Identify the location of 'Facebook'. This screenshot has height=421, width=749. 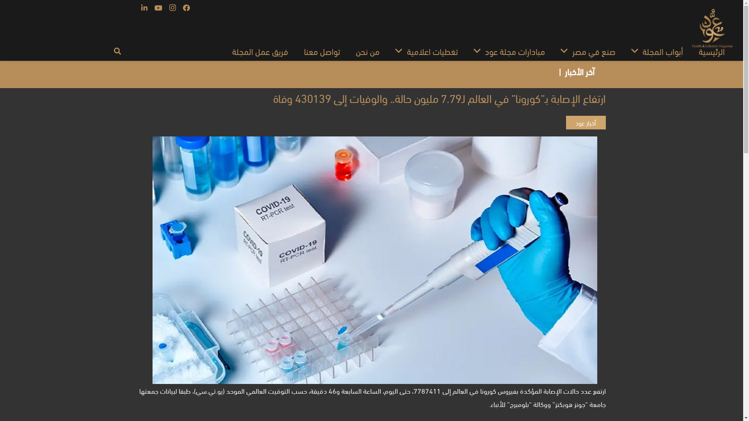
(186, 7).